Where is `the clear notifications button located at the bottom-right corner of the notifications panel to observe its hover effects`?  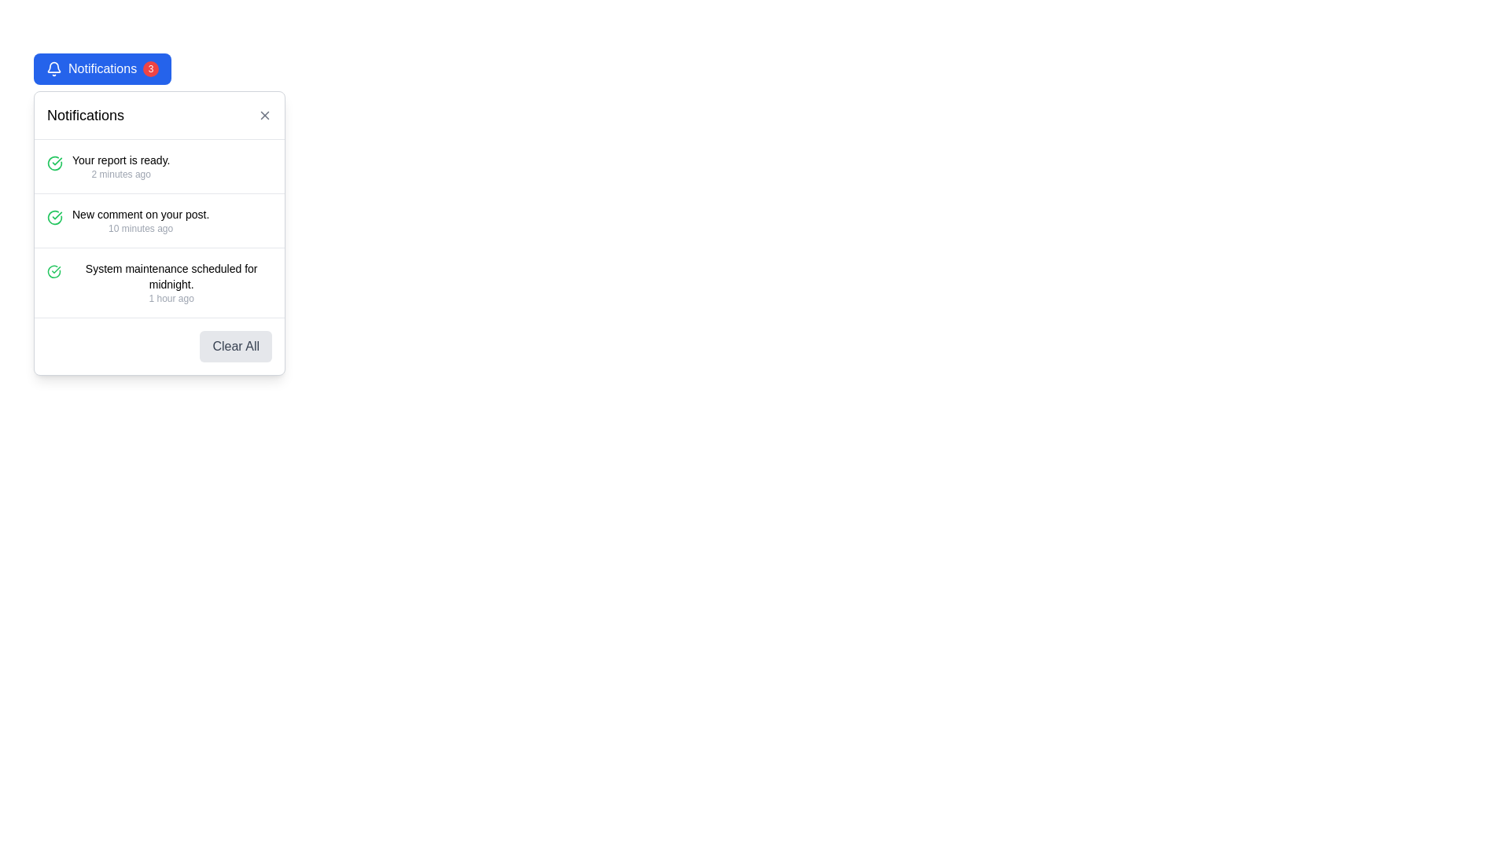 the clear notifications button located at the bottom-right corner of the notifications panel to observe its hover effects is located at coordinates (235, 345).